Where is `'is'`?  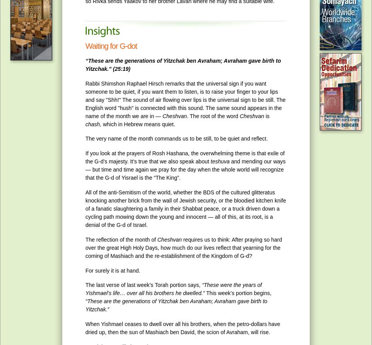 'is' is located at coordinates (266, 115).